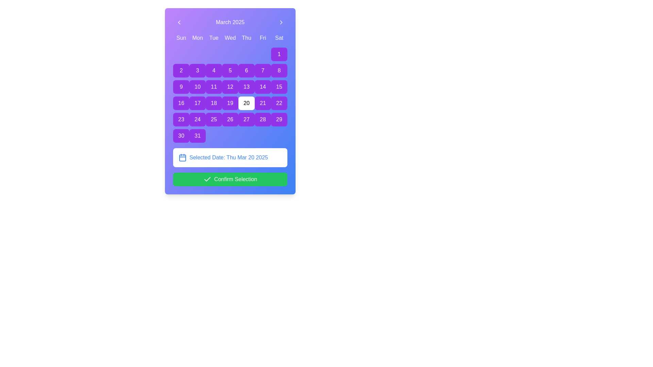  I want to click on the purple button with rounded corners displaying the white number '5', so click(230, 71).